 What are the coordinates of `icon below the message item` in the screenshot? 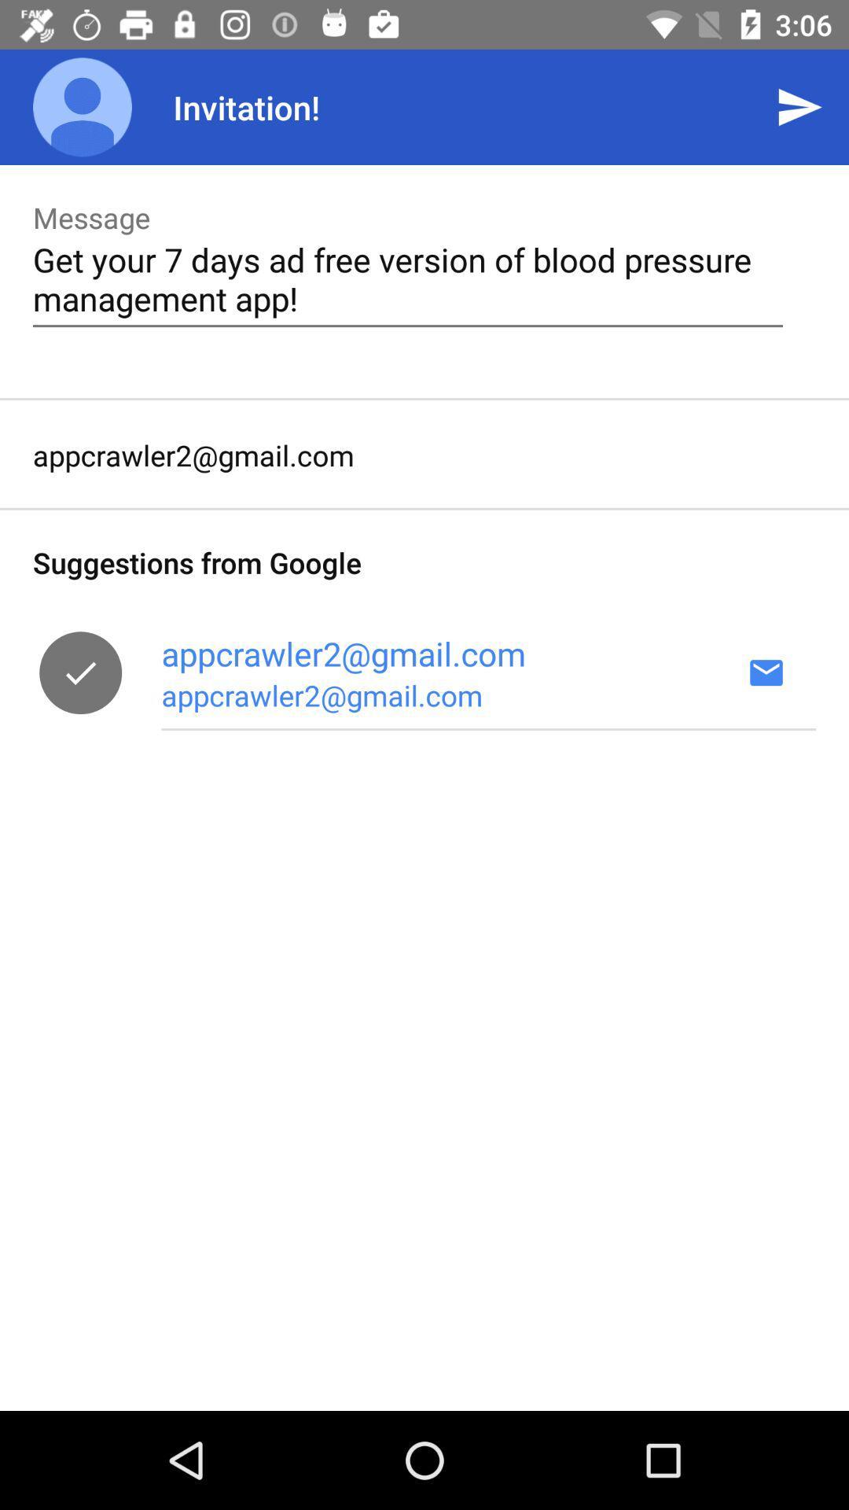 It's located at (407, 278).